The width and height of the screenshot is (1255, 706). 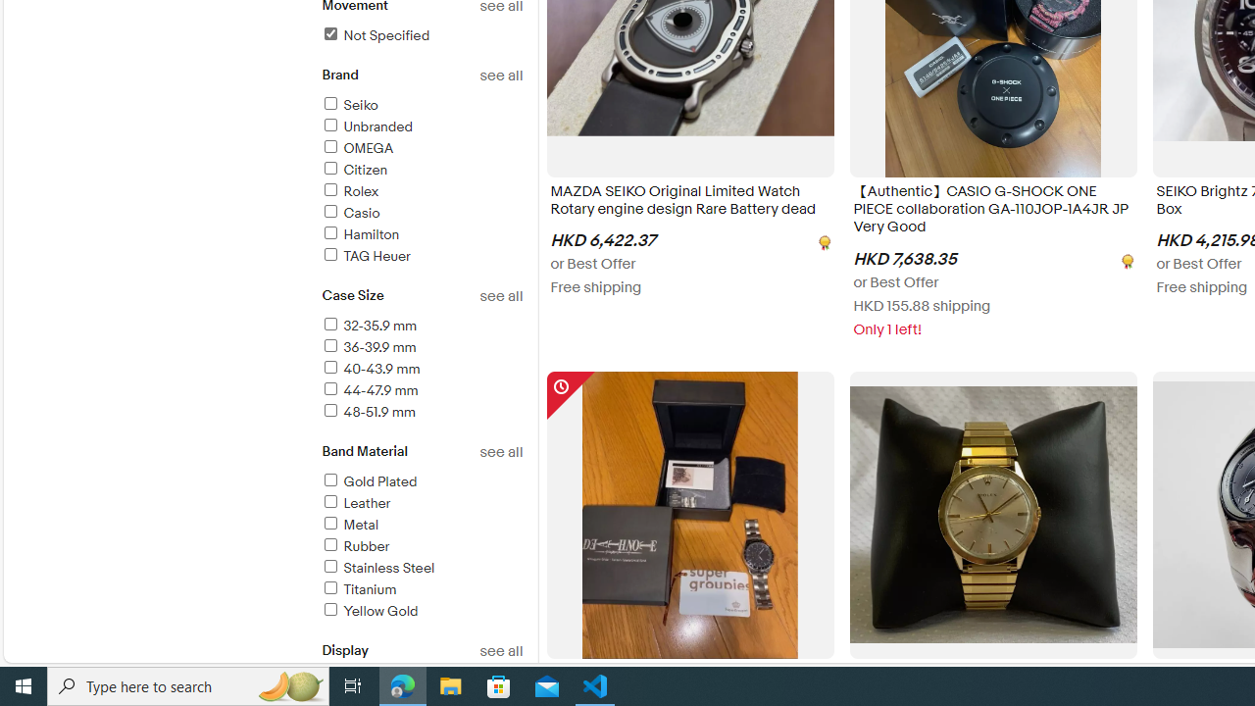 I want to click on 'Rolex', so click(x=349, y=191).